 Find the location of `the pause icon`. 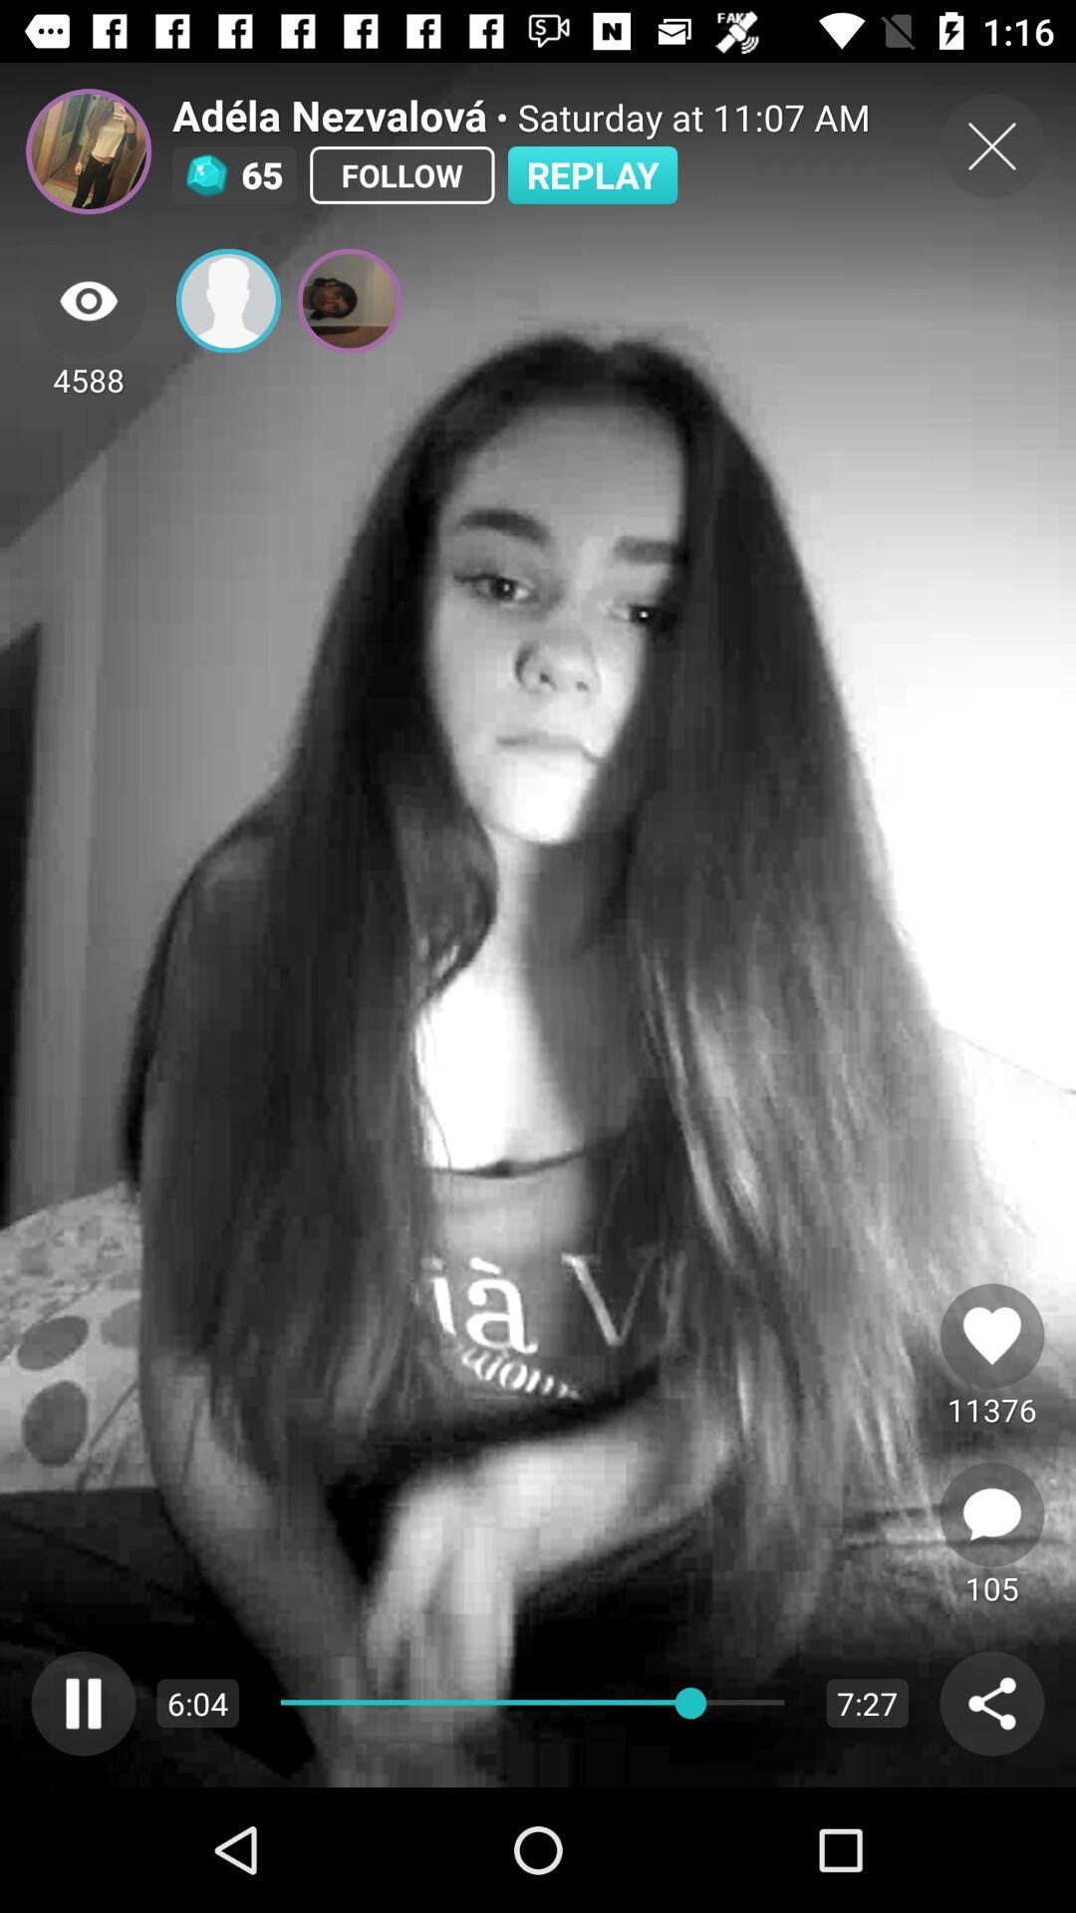

the pause icon is located at coordinates (83, 1702).